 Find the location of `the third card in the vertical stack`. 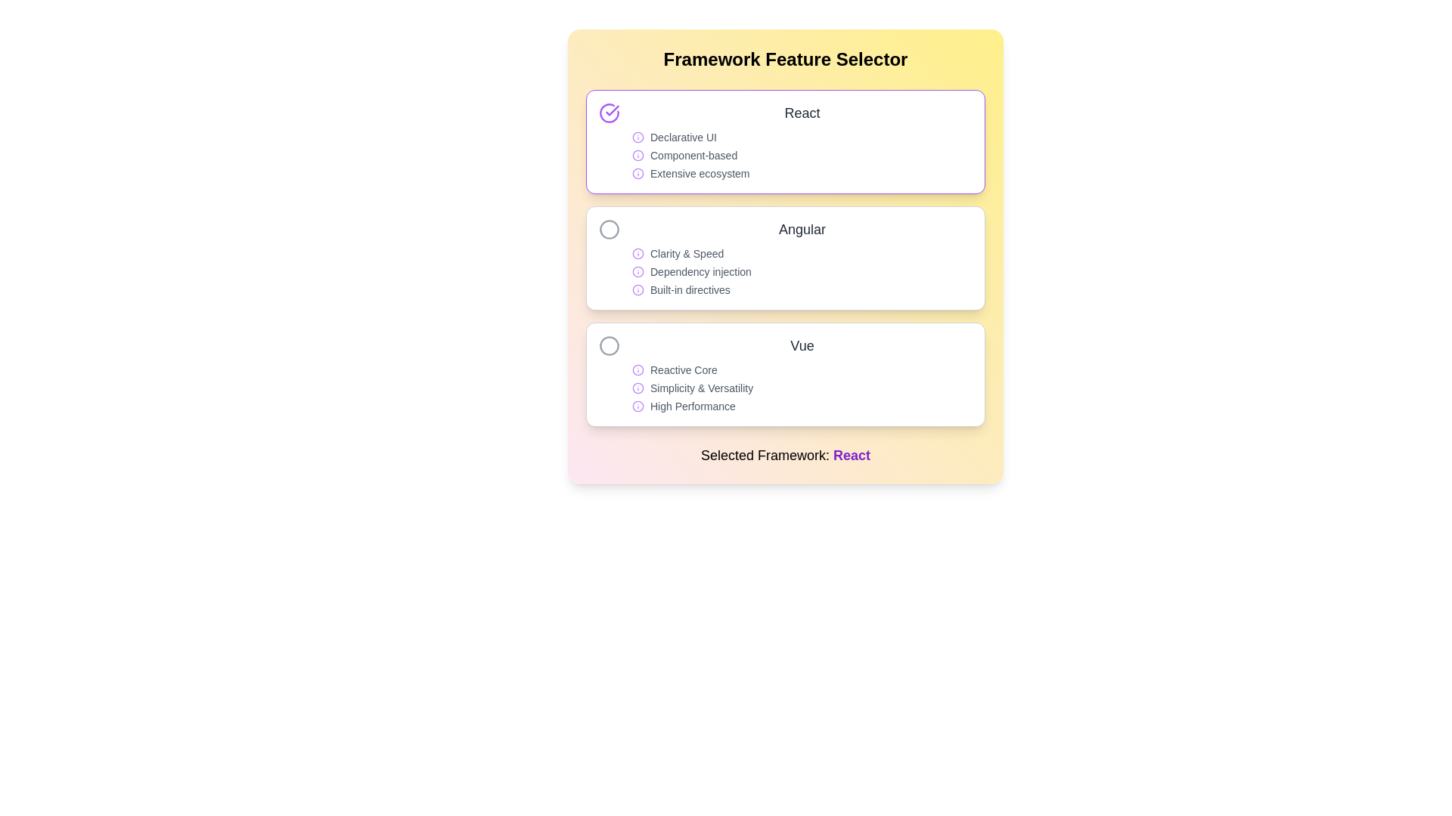

the third card in the vertical stack is located at coordinates (785, 374).